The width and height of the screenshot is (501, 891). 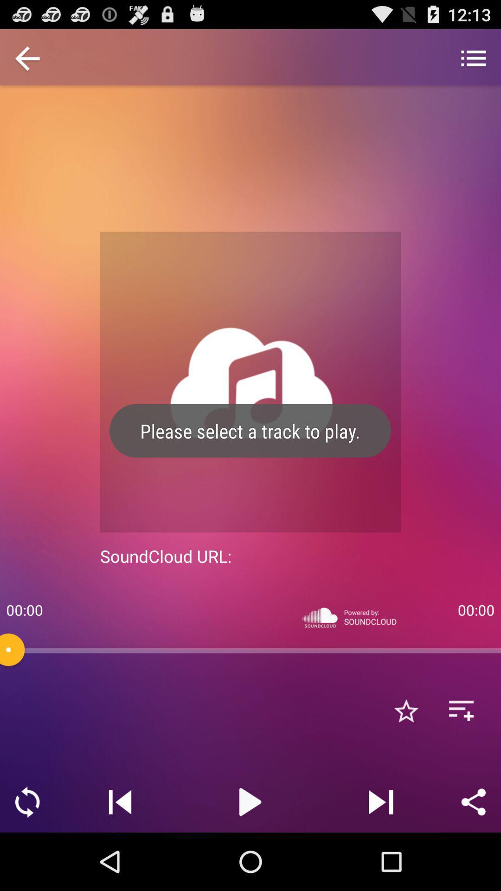 What do you see at coordinates (381, 858) in the screenshot?
I see `the skip_next icon` at bounding box center [381, 858].